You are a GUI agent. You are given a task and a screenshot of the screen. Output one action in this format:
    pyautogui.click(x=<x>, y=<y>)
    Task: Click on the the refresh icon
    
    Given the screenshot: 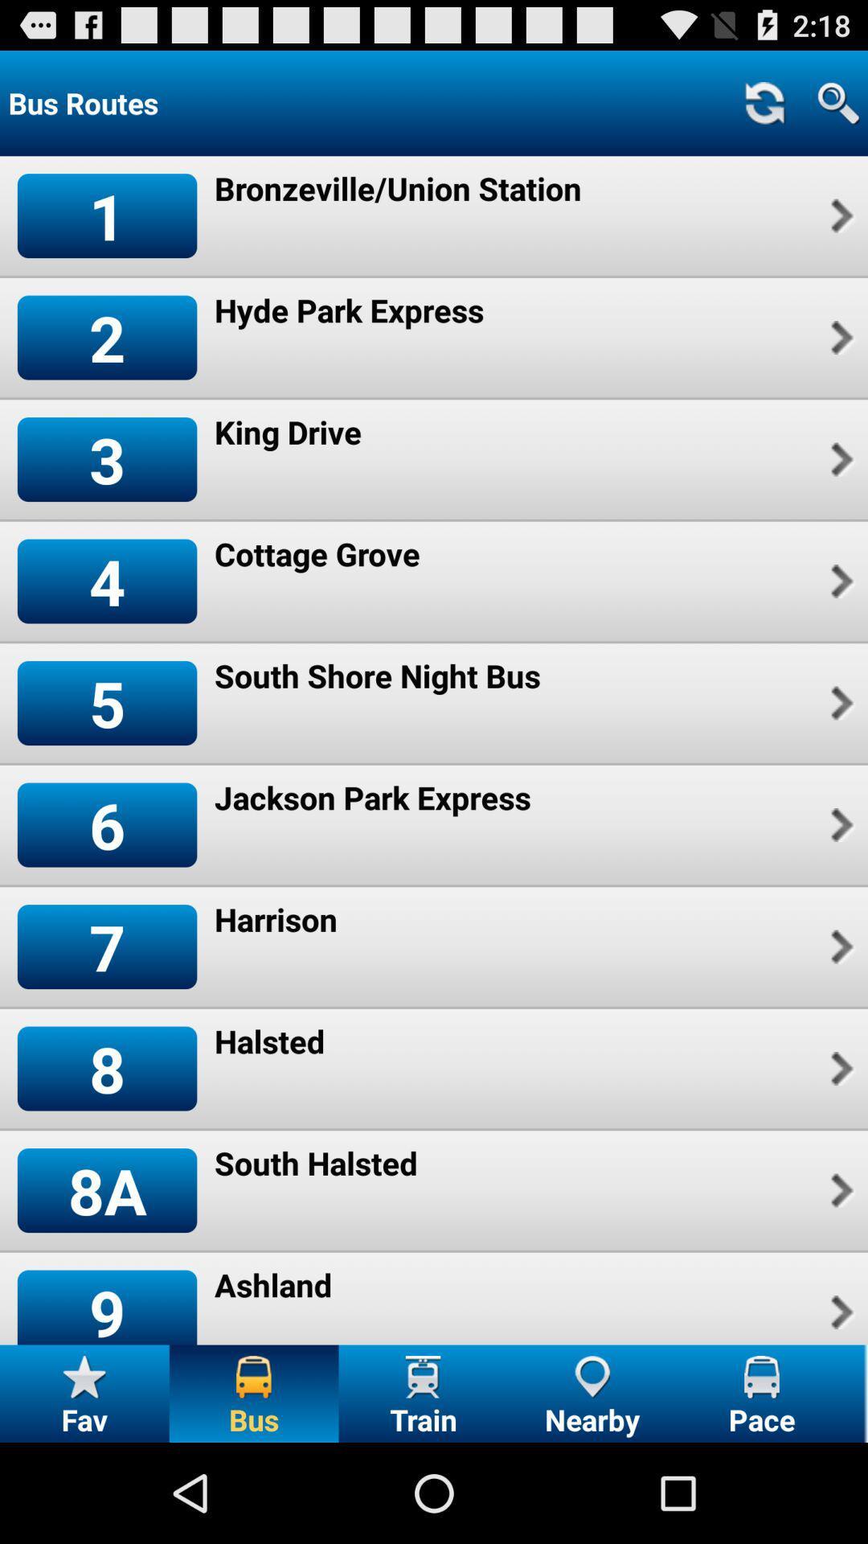 What is the action you would take?
    pyautogui.click(x=764, y=109)
    